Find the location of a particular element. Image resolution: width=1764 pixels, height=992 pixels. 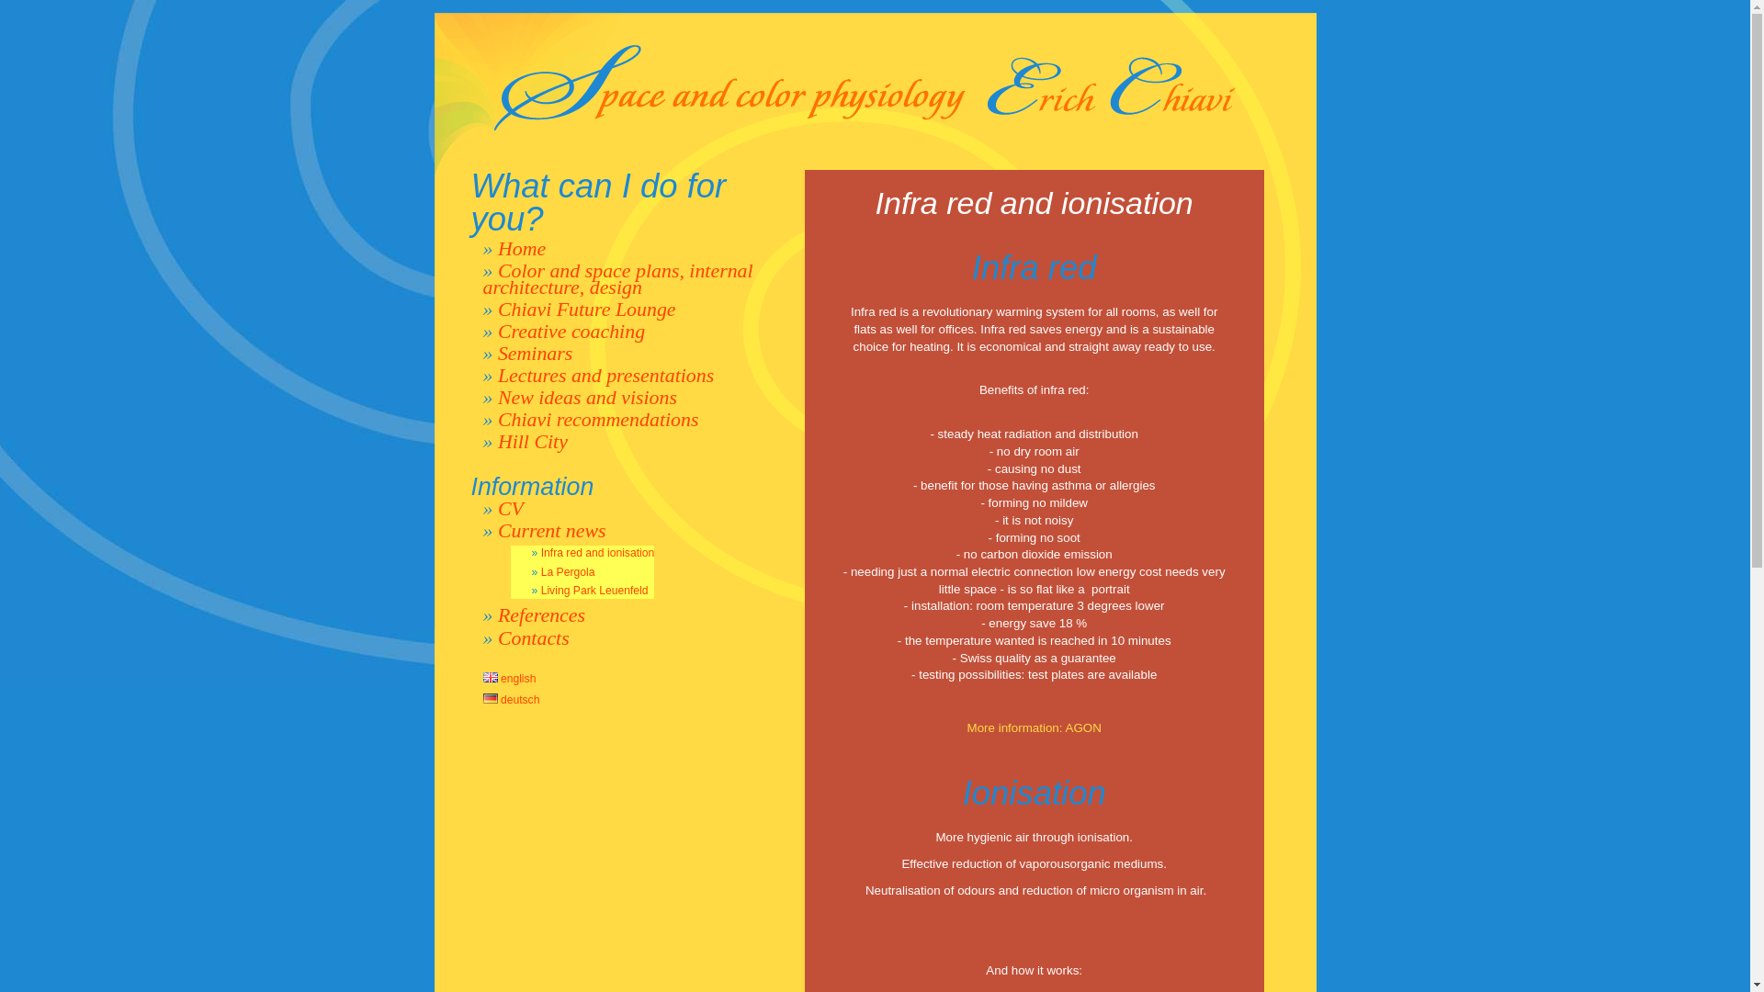

'Hill City' is located at coordinates (532, 442).